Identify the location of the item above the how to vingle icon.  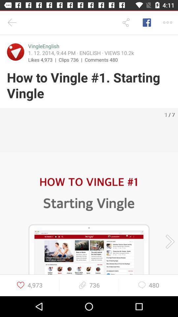
(101, 59).